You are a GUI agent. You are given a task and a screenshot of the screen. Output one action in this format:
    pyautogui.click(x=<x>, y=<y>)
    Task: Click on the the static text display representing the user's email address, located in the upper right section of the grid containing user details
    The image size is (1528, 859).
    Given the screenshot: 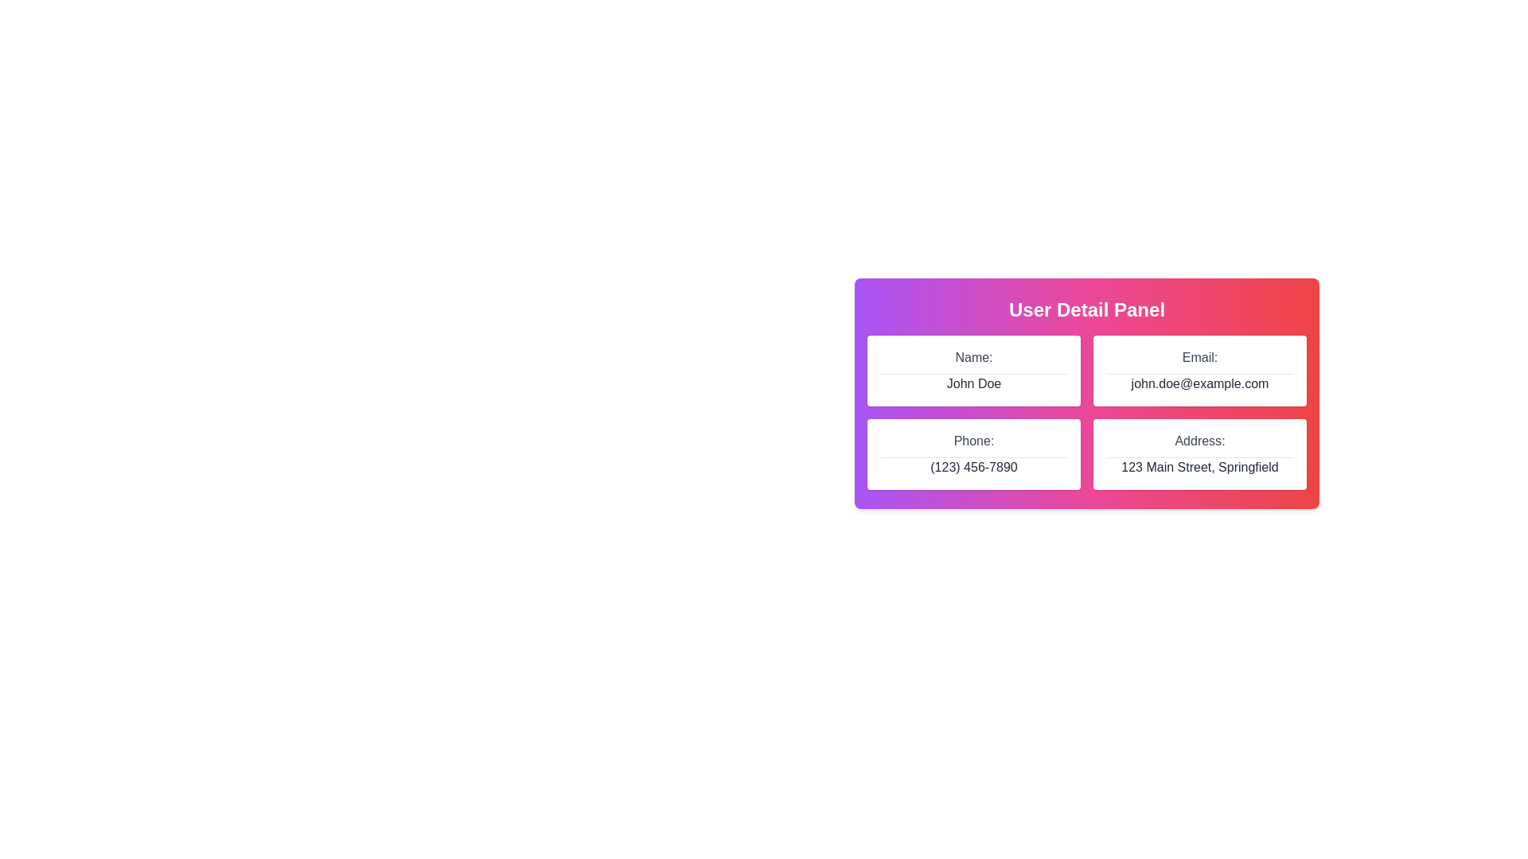 What is the action you would take?
    pyautogui.click(x=1199, y=383)
    